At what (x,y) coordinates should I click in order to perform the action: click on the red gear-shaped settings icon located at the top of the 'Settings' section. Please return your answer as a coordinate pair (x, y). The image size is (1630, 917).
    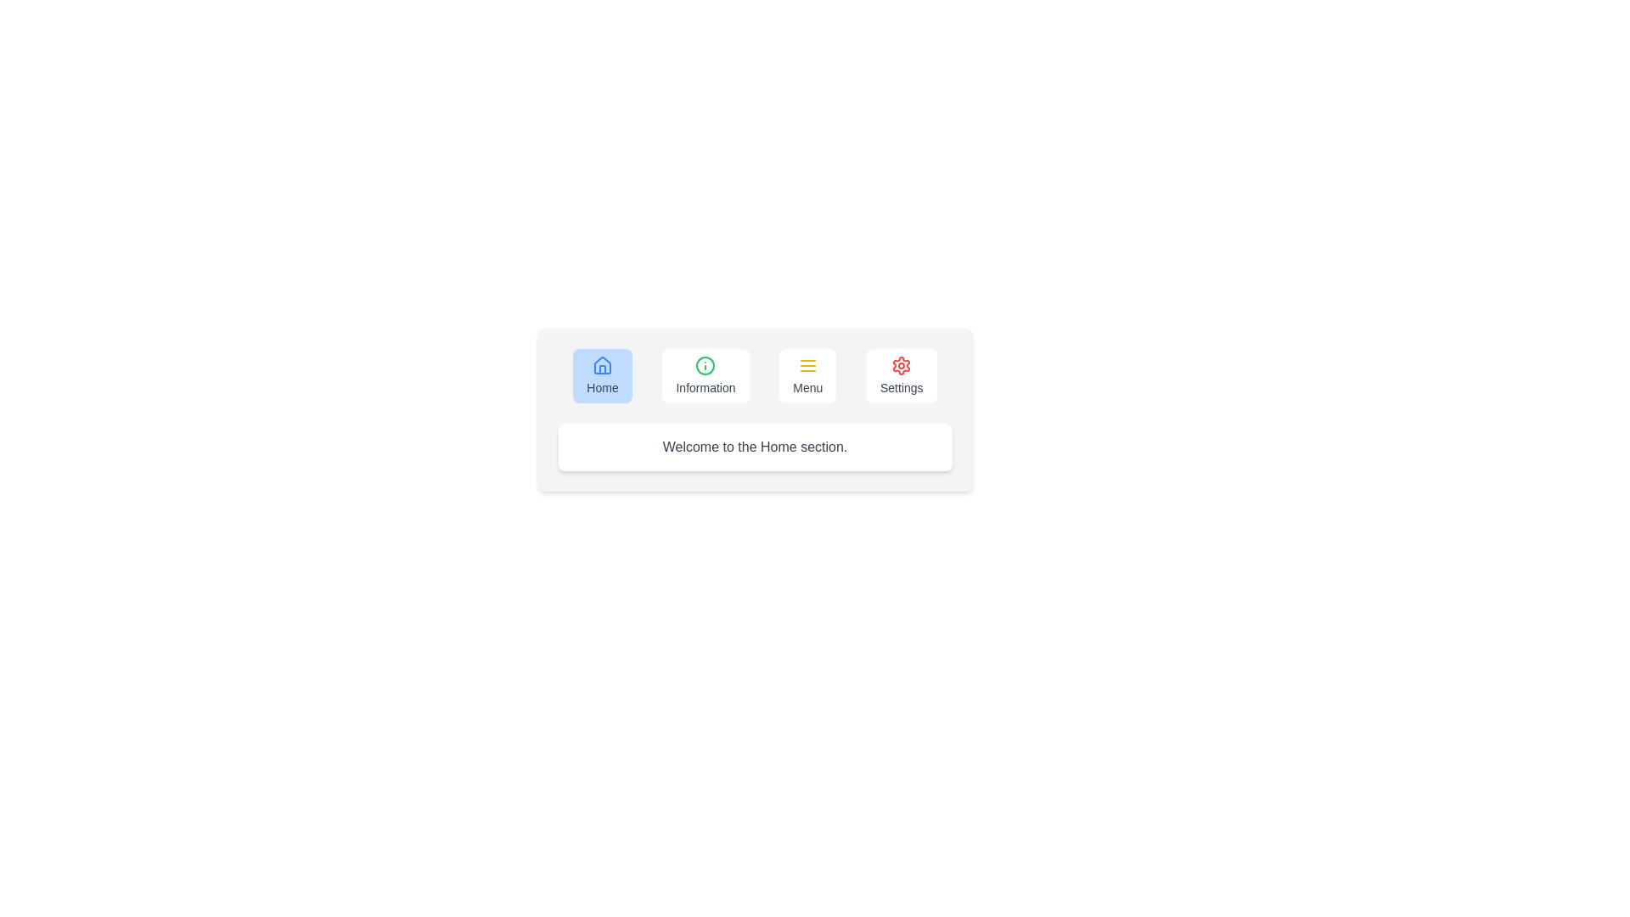
    Looking at the image, I should click on (901, 365).